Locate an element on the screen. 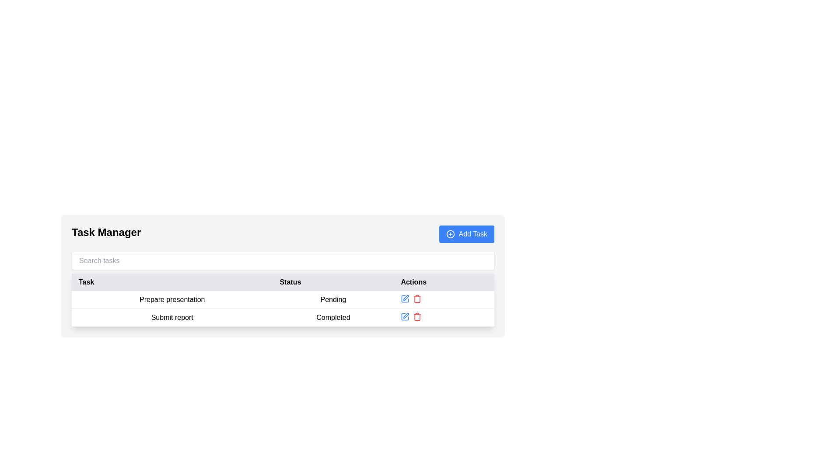 The image size is (840, 472). the delete icon located as the second icon from the right in the 'Actions' column of the 'Submit report' row is located at coordinates (417, 298).